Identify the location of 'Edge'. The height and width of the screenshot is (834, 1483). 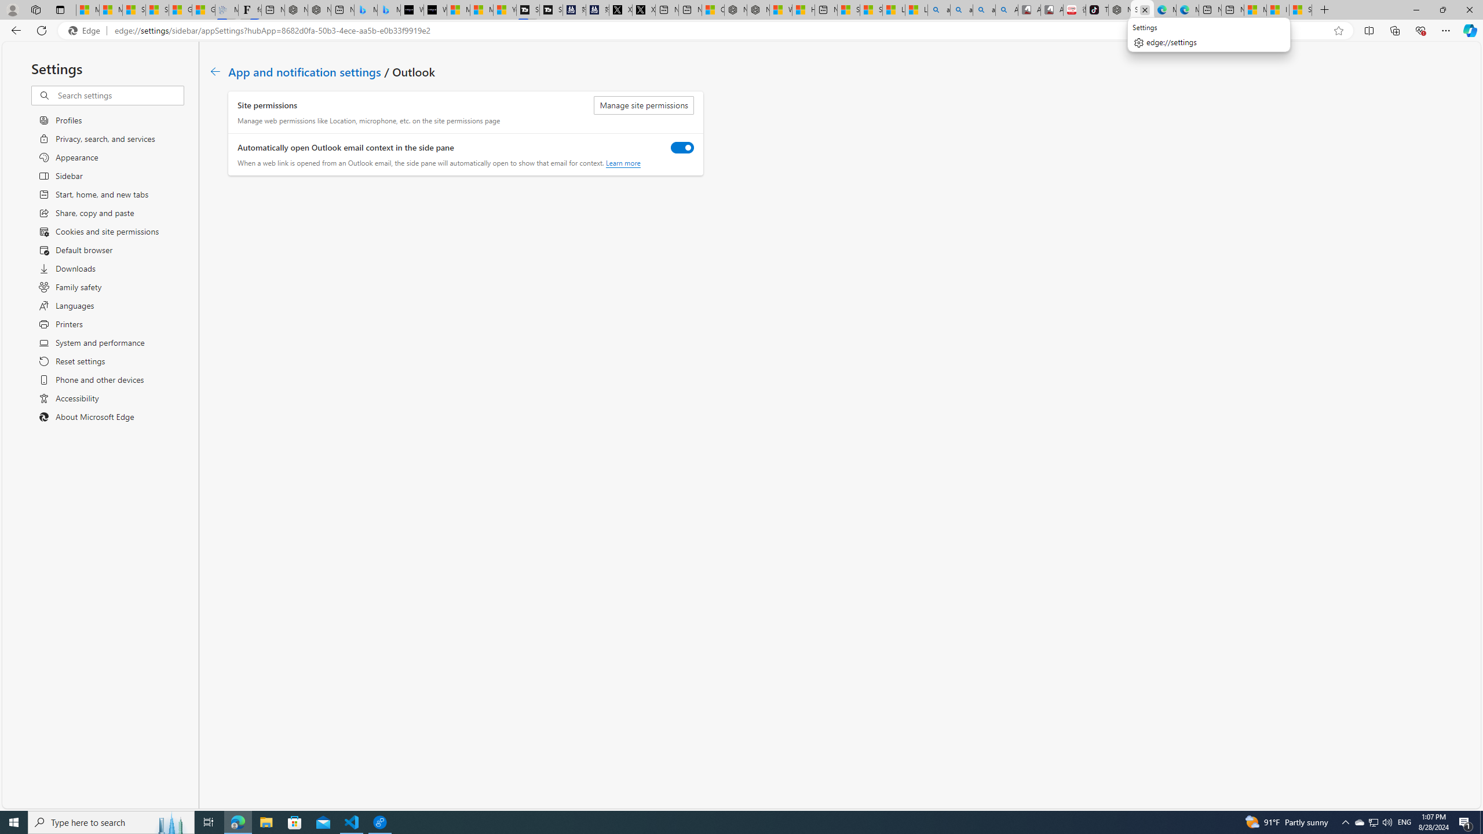
(86, 31).